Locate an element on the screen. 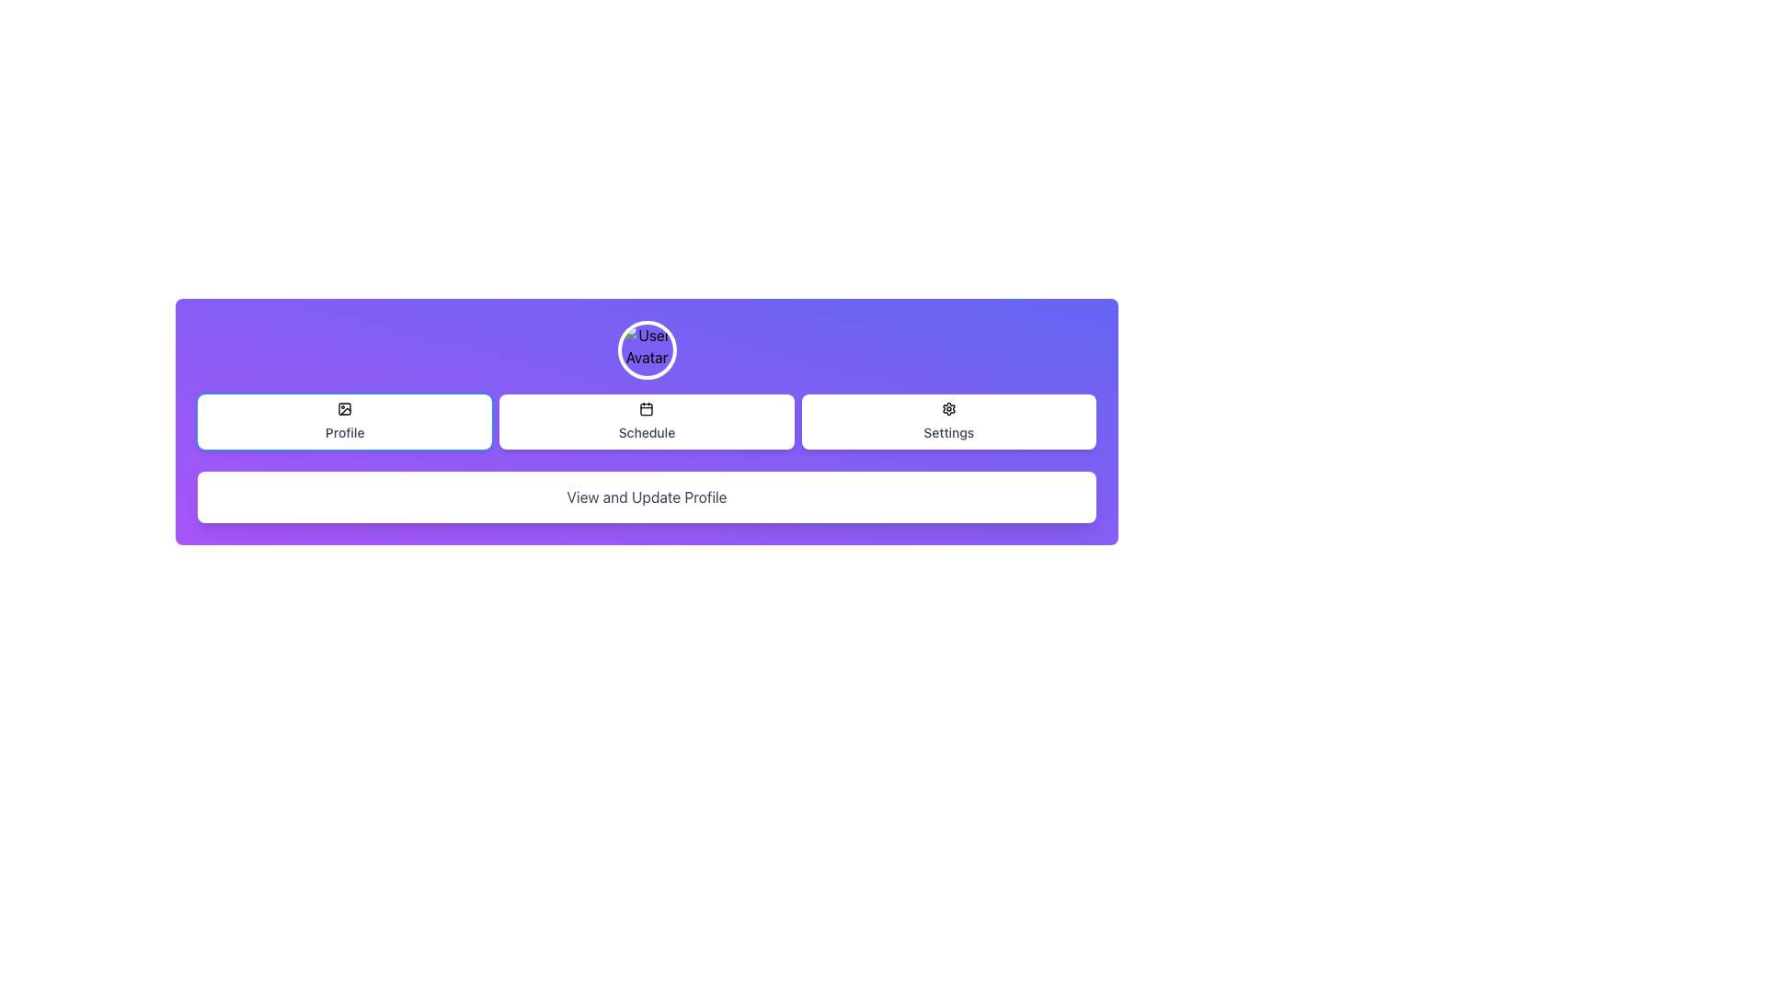  the 'Settings' text label, which is displayed in gray color beneath the settings icon at the top center of the interface is located at coordinates (948, 432).